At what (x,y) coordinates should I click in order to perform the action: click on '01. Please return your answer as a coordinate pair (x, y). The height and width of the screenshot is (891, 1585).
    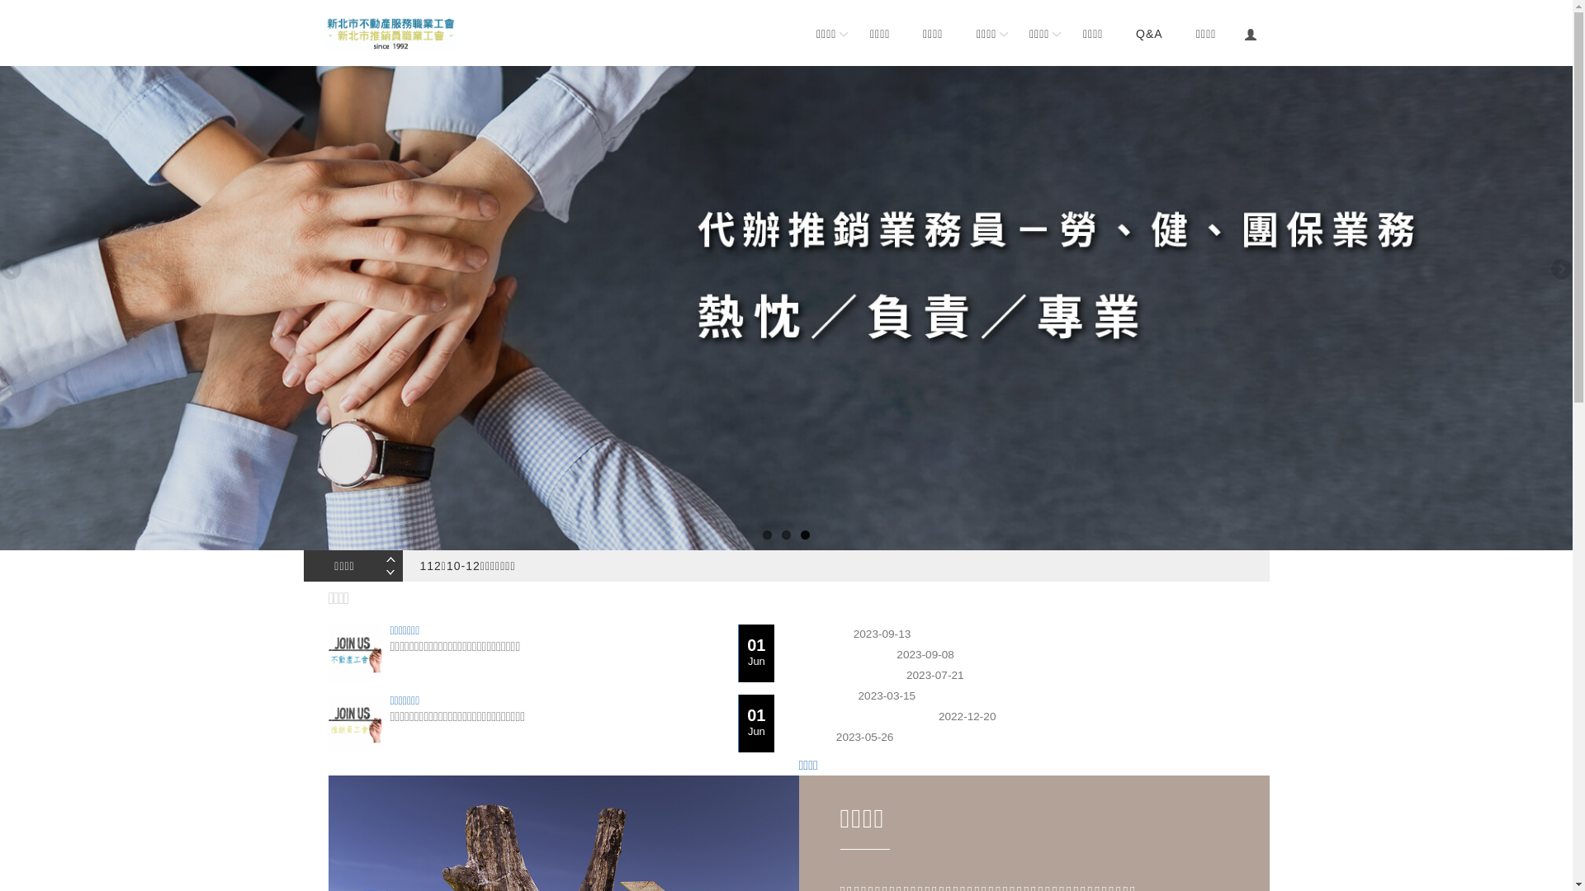
    Looking at the image, I should click on (755, 722).